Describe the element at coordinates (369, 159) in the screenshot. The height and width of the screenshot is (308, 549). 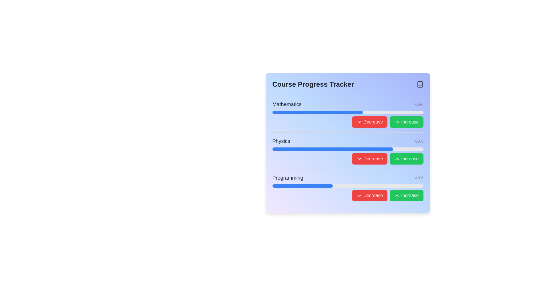
I see `the red button labeled '↓ Decrease'` at that location.